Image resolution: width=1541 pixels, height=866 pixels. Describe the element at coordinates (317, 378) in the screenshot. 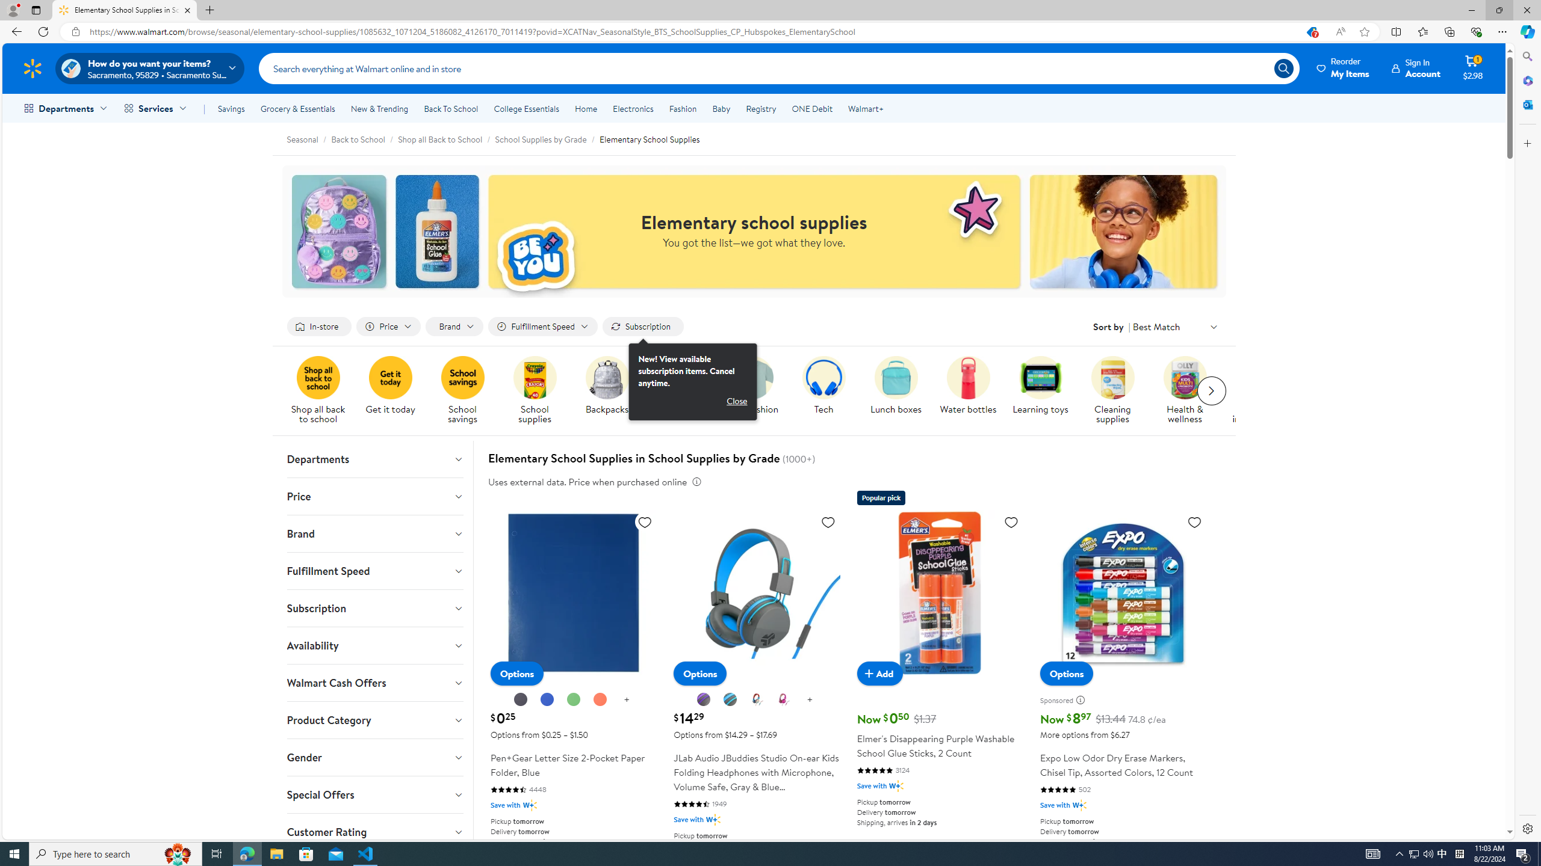

I see `'Shop all back to school'` at that location.